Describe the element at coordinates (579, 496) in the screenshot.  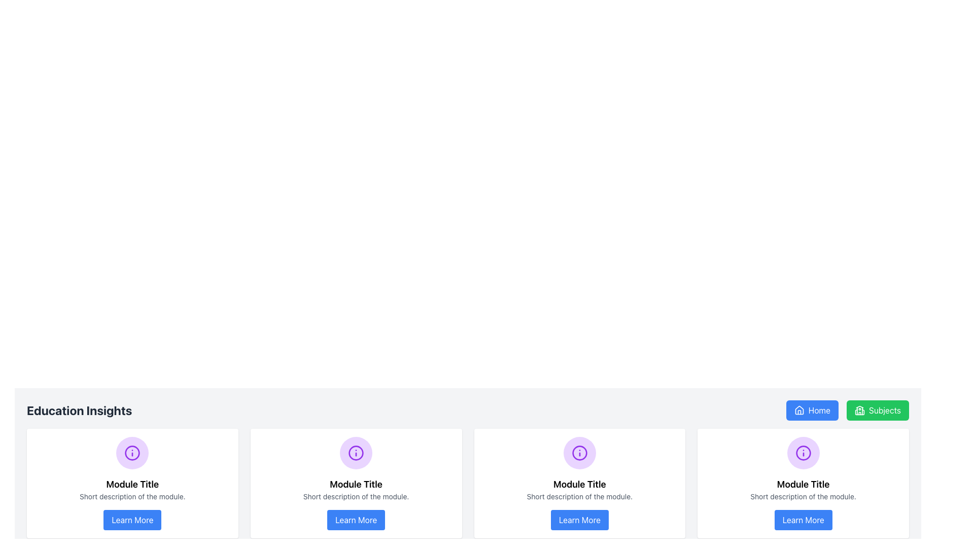
I see `the static text element reading 'Short description of the module.' which is located beneath the title 'Module Title' within a card interface` at that location.